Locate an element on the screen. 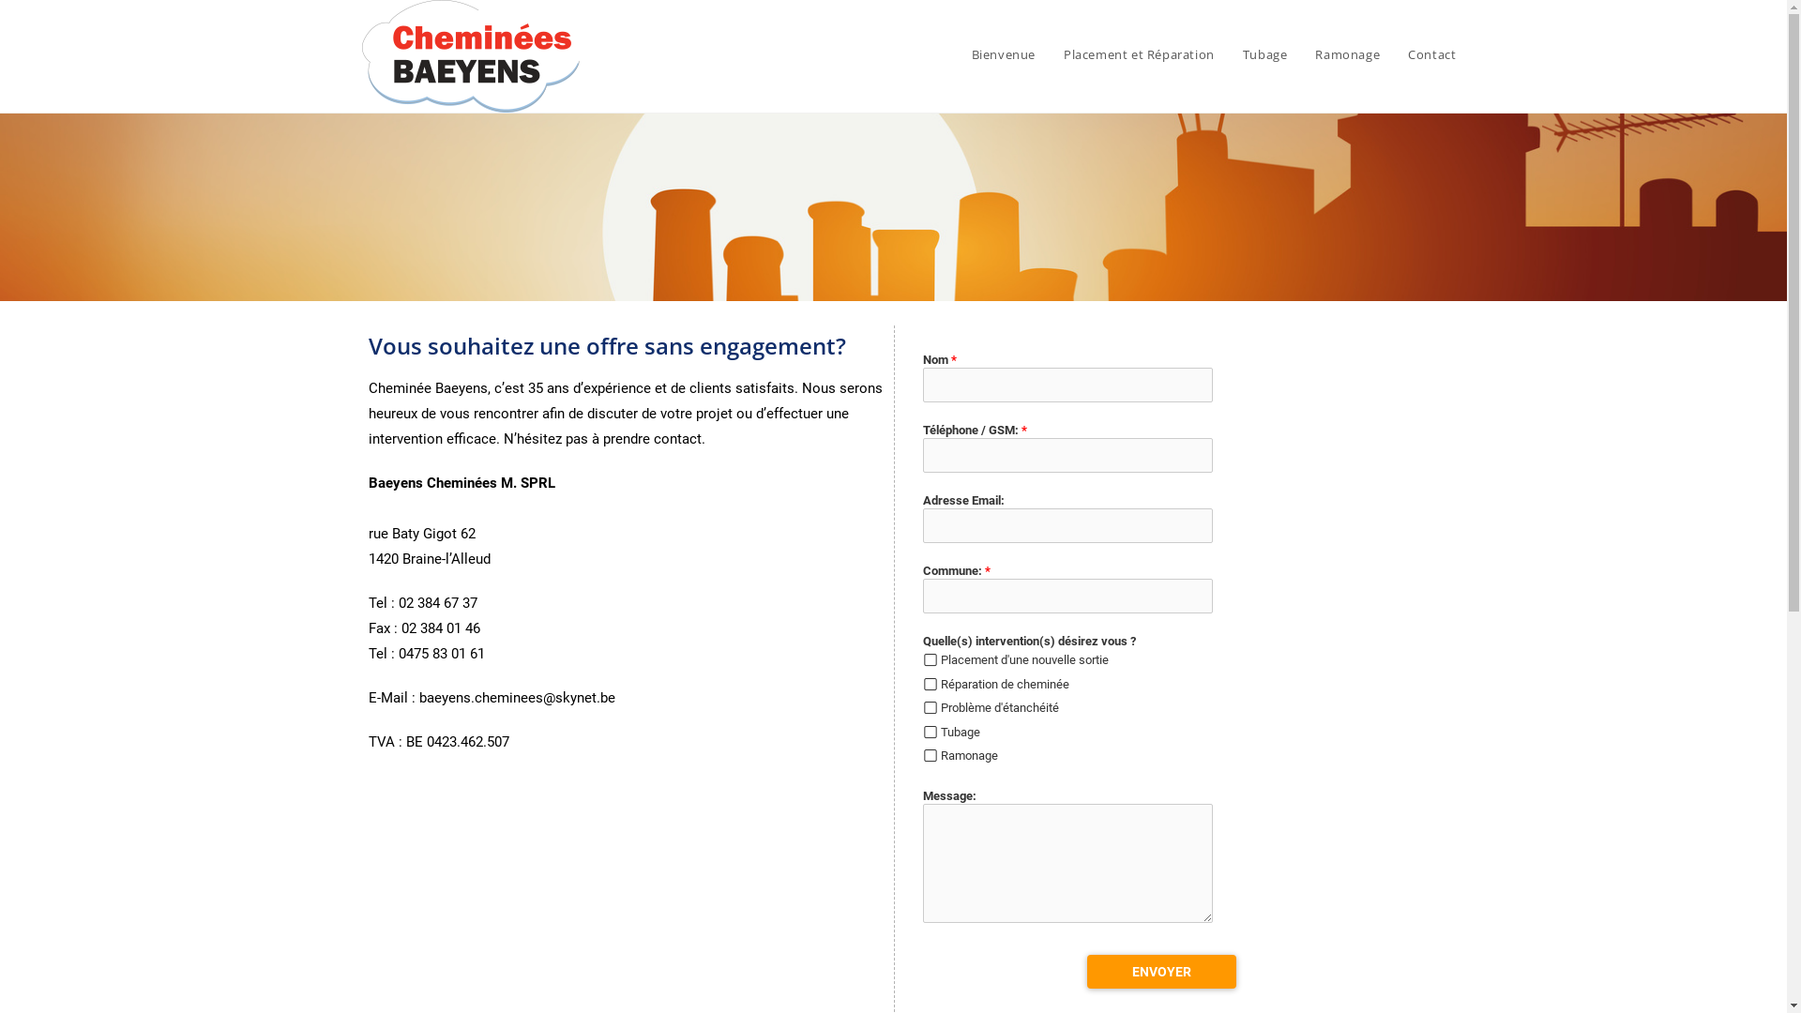  'Ramonage' is located at coordinates (1346, 53).